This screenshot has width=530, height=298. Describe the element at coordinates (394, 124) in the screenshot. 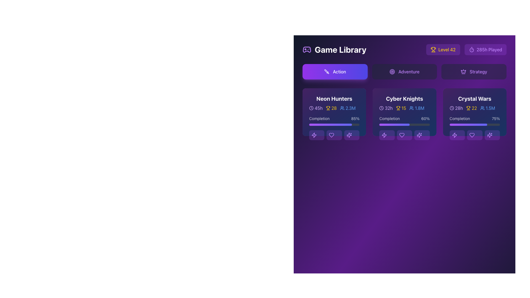

I see `the filled portion of the Progress Indicator within the second card labeled 'Cyber Knights' in the 'Game Library' interface, which indicates a completion level of 60%` at that location.